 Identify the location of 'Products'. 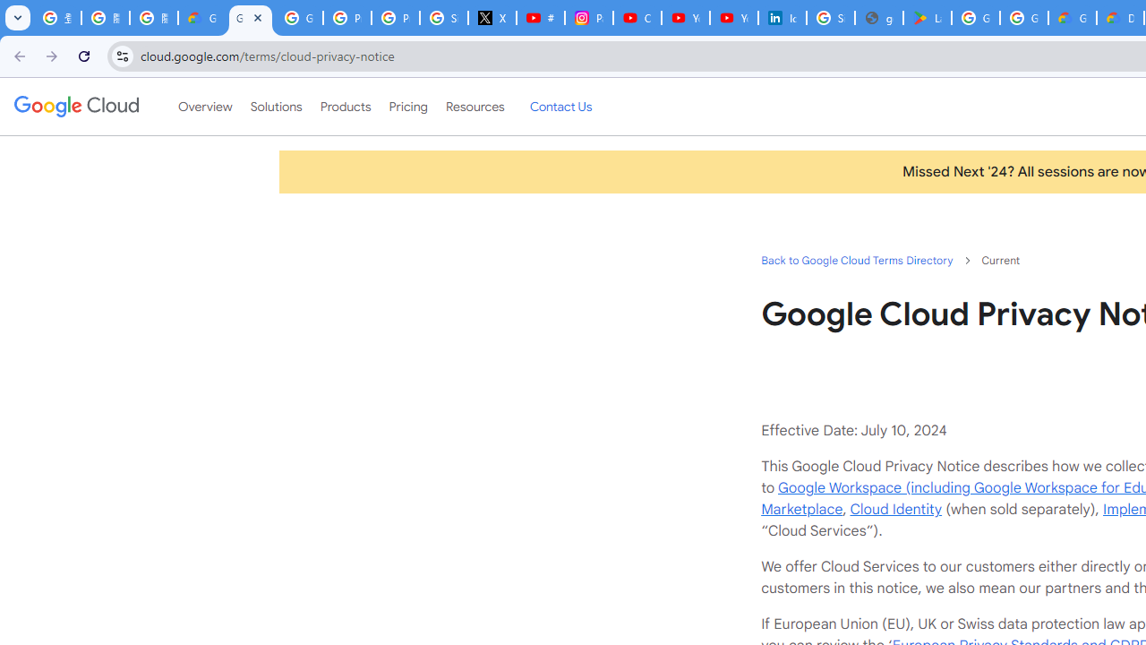
(345, 107).